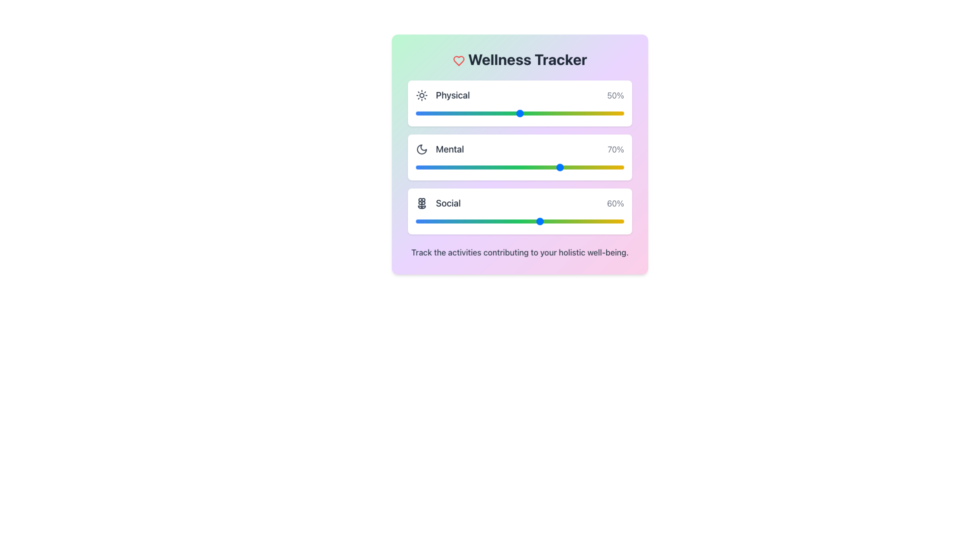 Image resolution: width=961 pixels, height=540 pixels. What do you see at coordinates (615, 95) in the screenshot?
I see `the percentage display showing '50%' in gray text located in the top-right corner of the 'Physical' card` at bounding box center [615, 95].